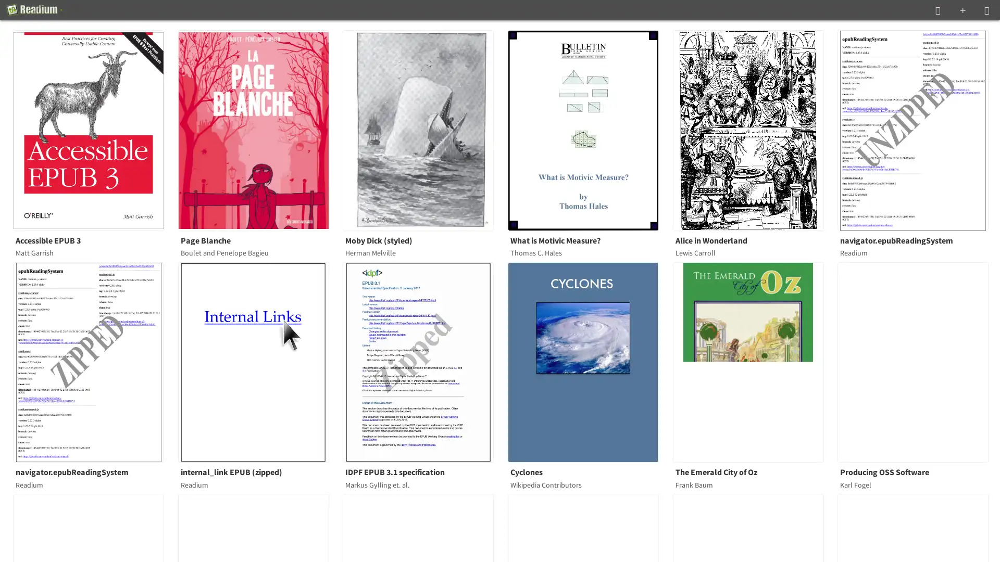  Describe the element at coordinates (95, 130) in the screenshot. I see `(1) Accessible EPUB 3` at that location.